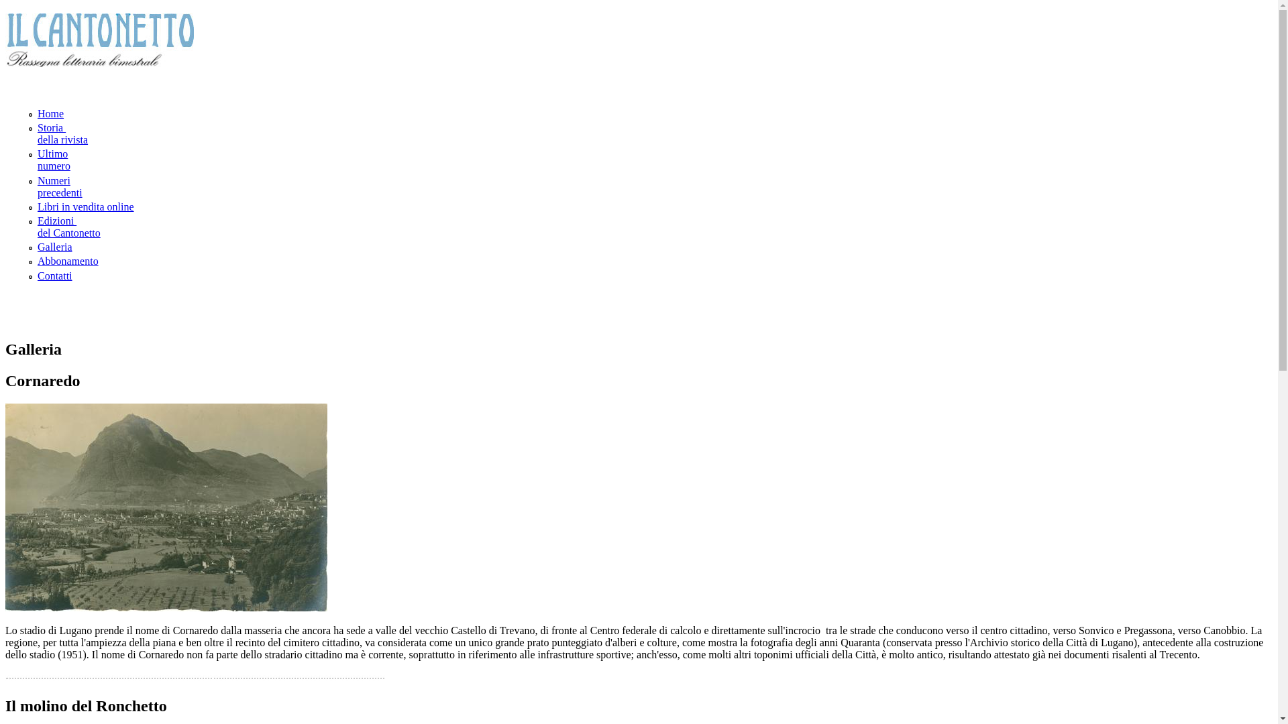 This screenshot has height=724, width=1288. What do you see at coordinates (38, 186) in the screenshot?
I see `'Numeri` at bounding box center [38, 186].